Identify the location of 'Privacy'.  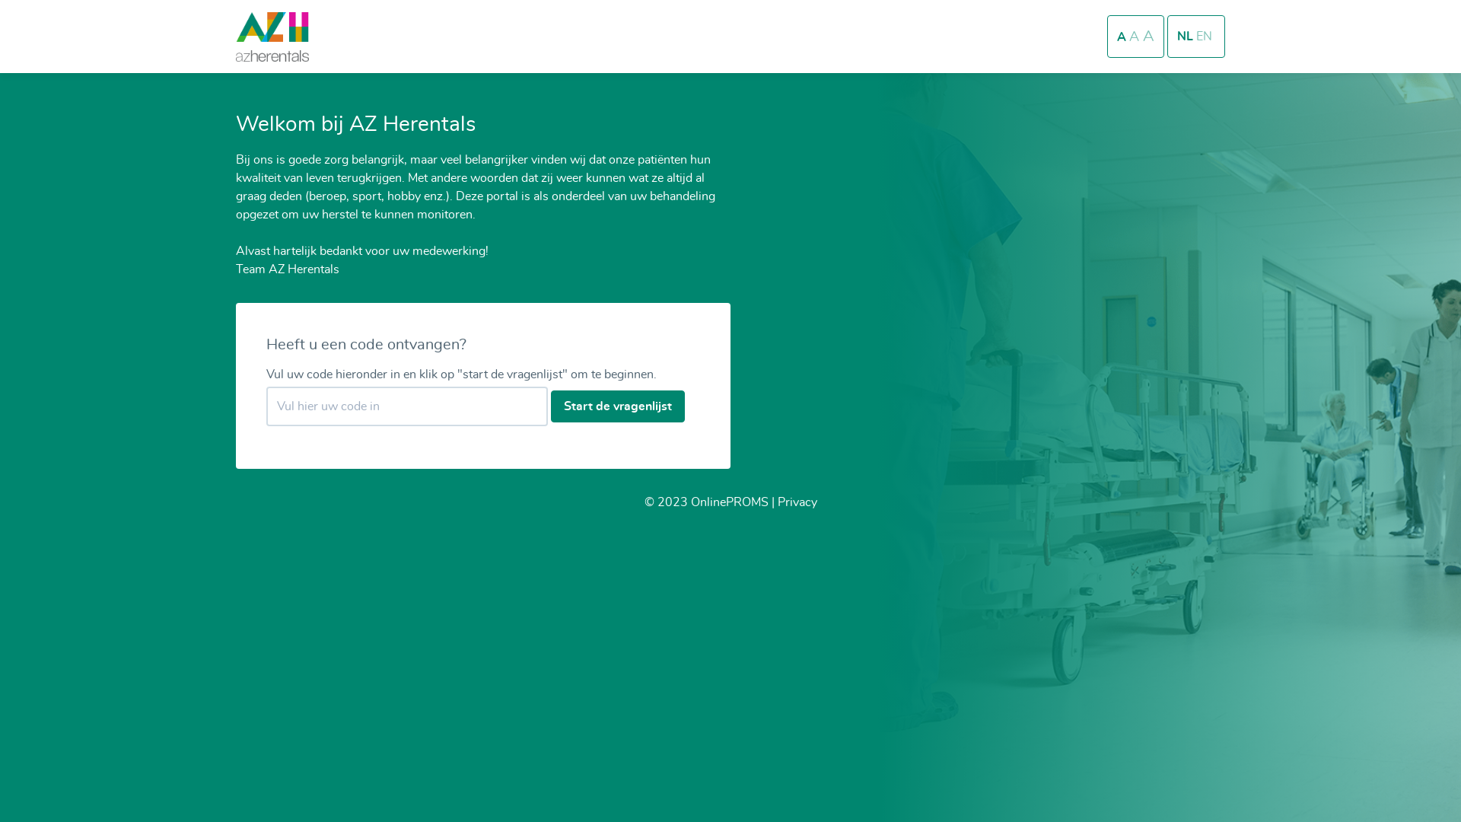
(796, 502).